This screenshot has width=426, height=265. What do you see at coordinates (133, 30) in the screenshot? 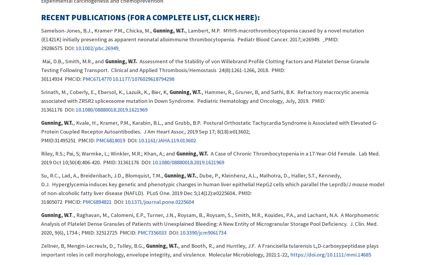
I see `'P.M., Chicka, M.,'` at bounding box center [133, 30].